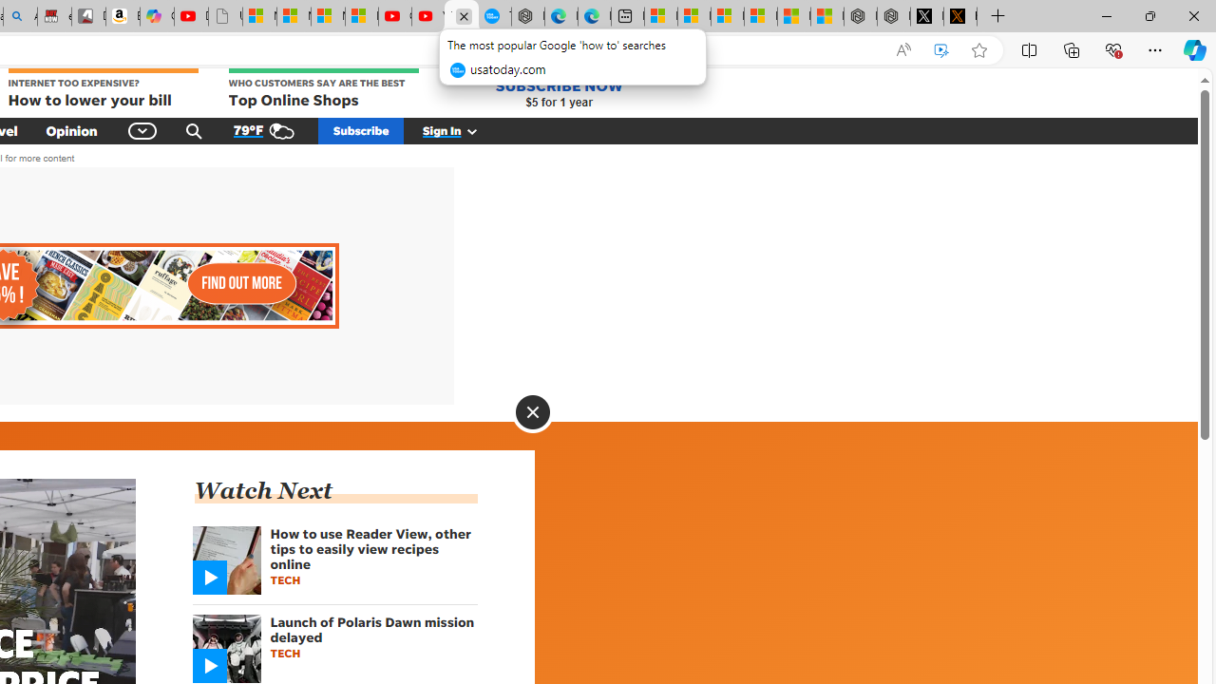  Describe the element at coordinates (927, 16) in the screenshot. I see `'Nordace (@NordaceOfficial) / X'` at that location.